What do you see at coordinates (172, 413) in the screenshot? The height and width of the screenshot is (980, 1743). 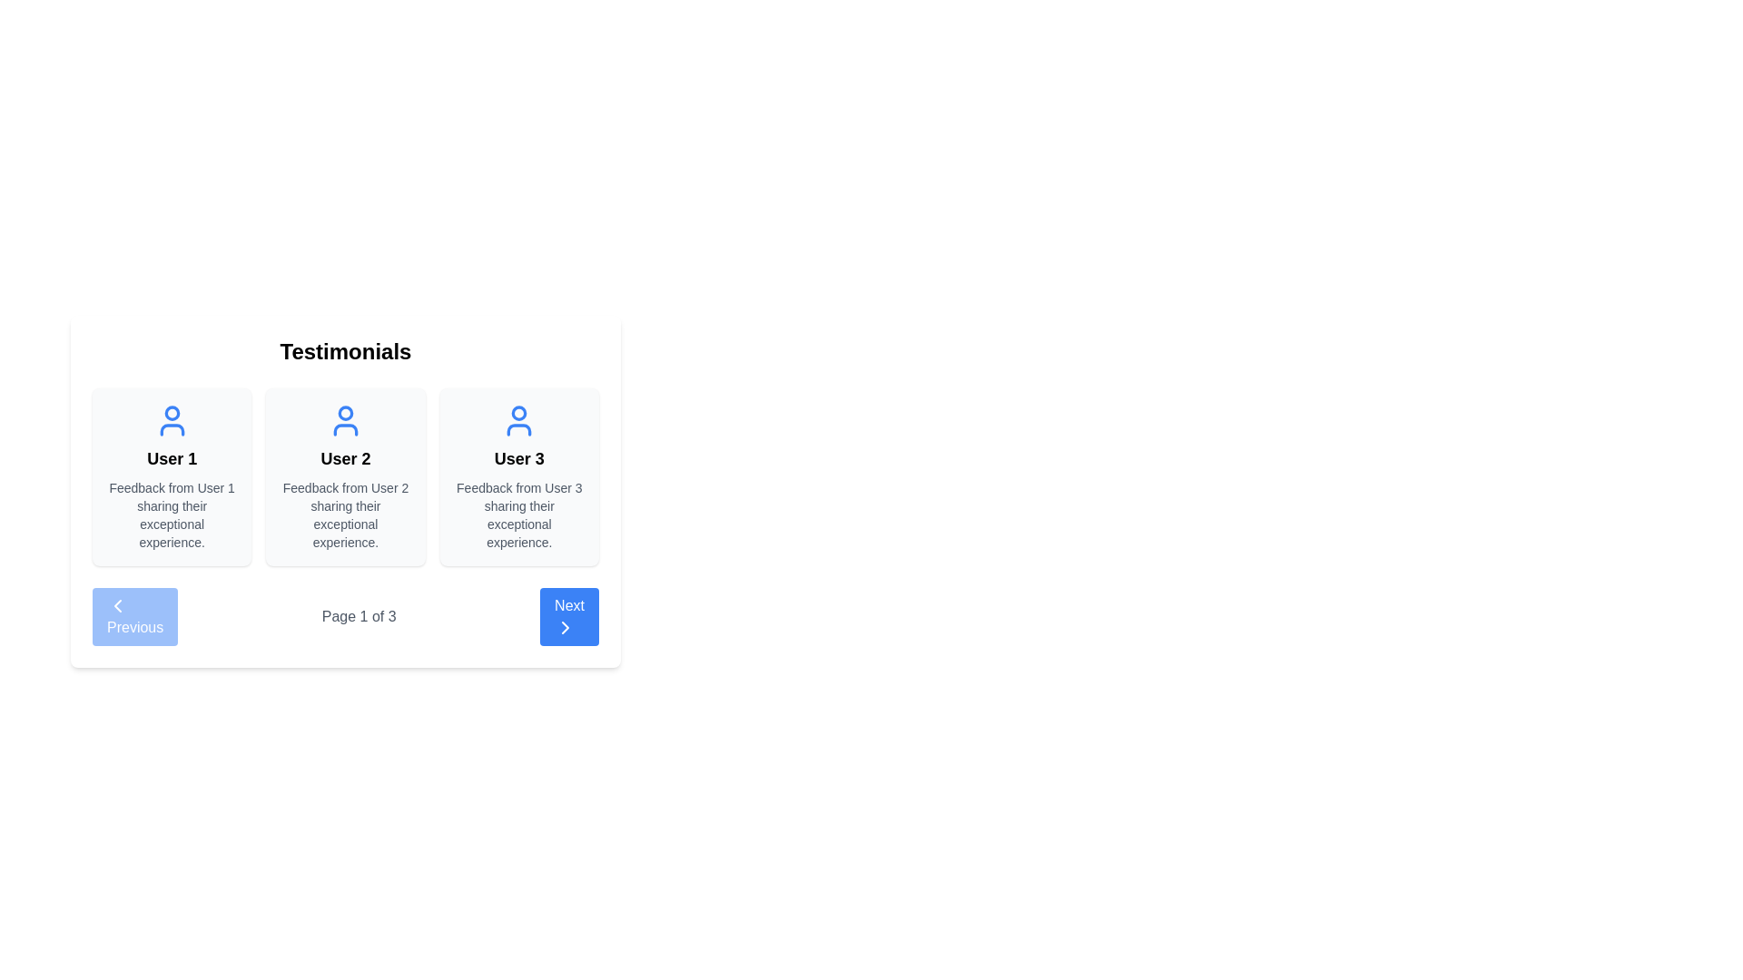 I see `the circular avatar icon within the blue user figure in the center-top of the first testimonial card labeled 'User 1' under the header 'Testimonials'` at bounding box center [172, 413].